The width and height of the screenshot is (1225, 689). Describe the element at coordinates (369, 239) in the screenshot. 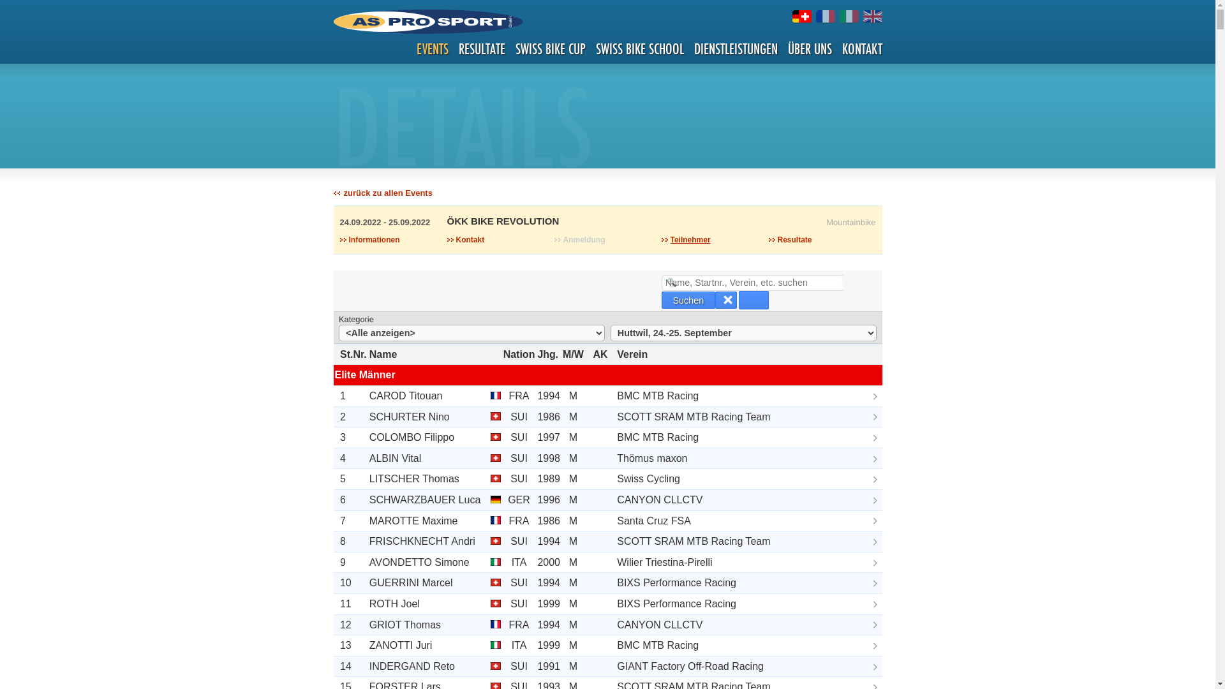

I see `'Informationen'` at that location.